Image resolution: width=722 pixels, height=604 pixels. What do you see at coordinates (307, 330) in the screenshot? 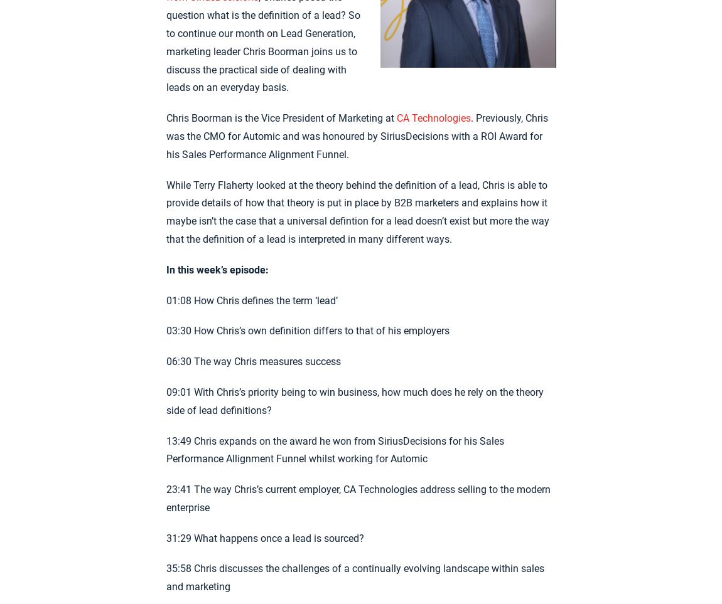
I see `'03:30 How Chris’s own definition differs to that of his employers'` at bounding box center [307, 330].